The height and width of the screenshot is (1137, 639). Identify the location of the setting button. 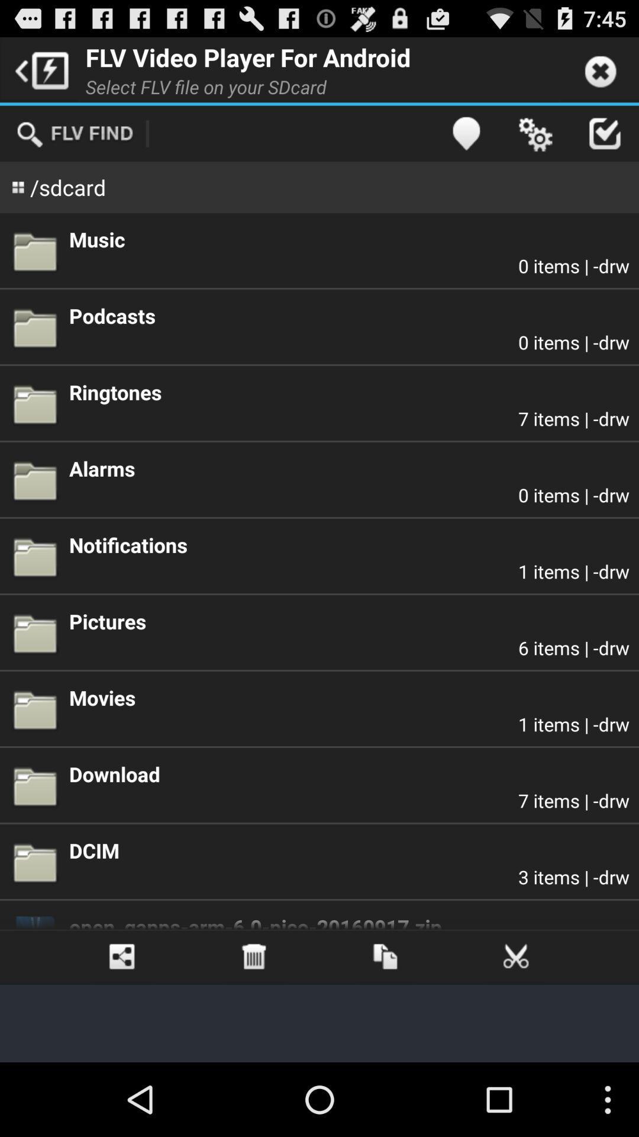
(535, 133).